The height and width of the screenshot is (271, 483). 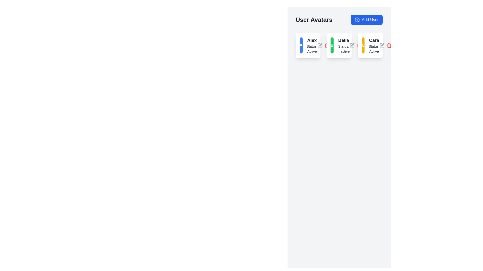 What do you see at coordinates (343, 49) in the screenshot?
I see `the static text label that displays 'Status: Inactive', located within the user card for 'Bella', positioned below the bold text 'Bella'` at bounding box center [343, 49].